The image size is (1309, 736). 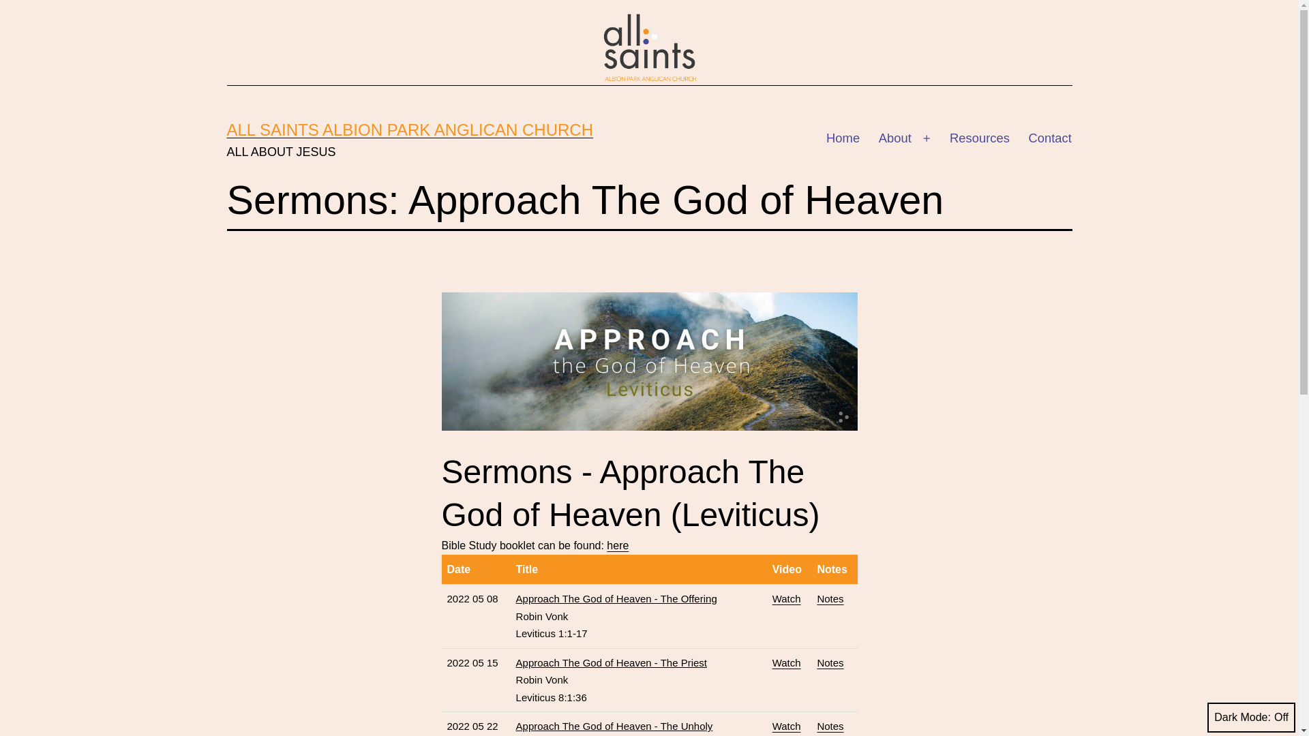 I want to click on 'here', so click(x=617, y=545).